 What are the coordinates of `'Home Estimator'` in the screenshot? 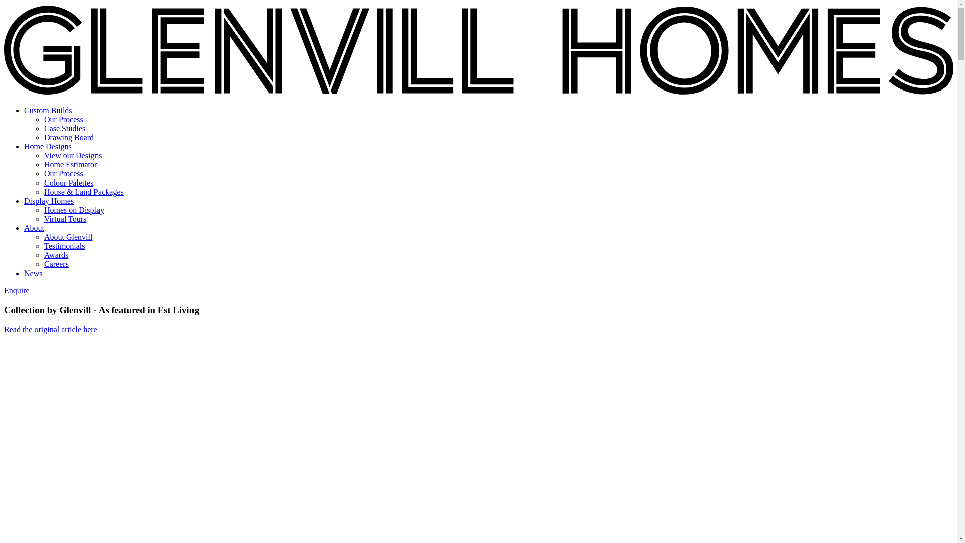 It's located at (70, 164).